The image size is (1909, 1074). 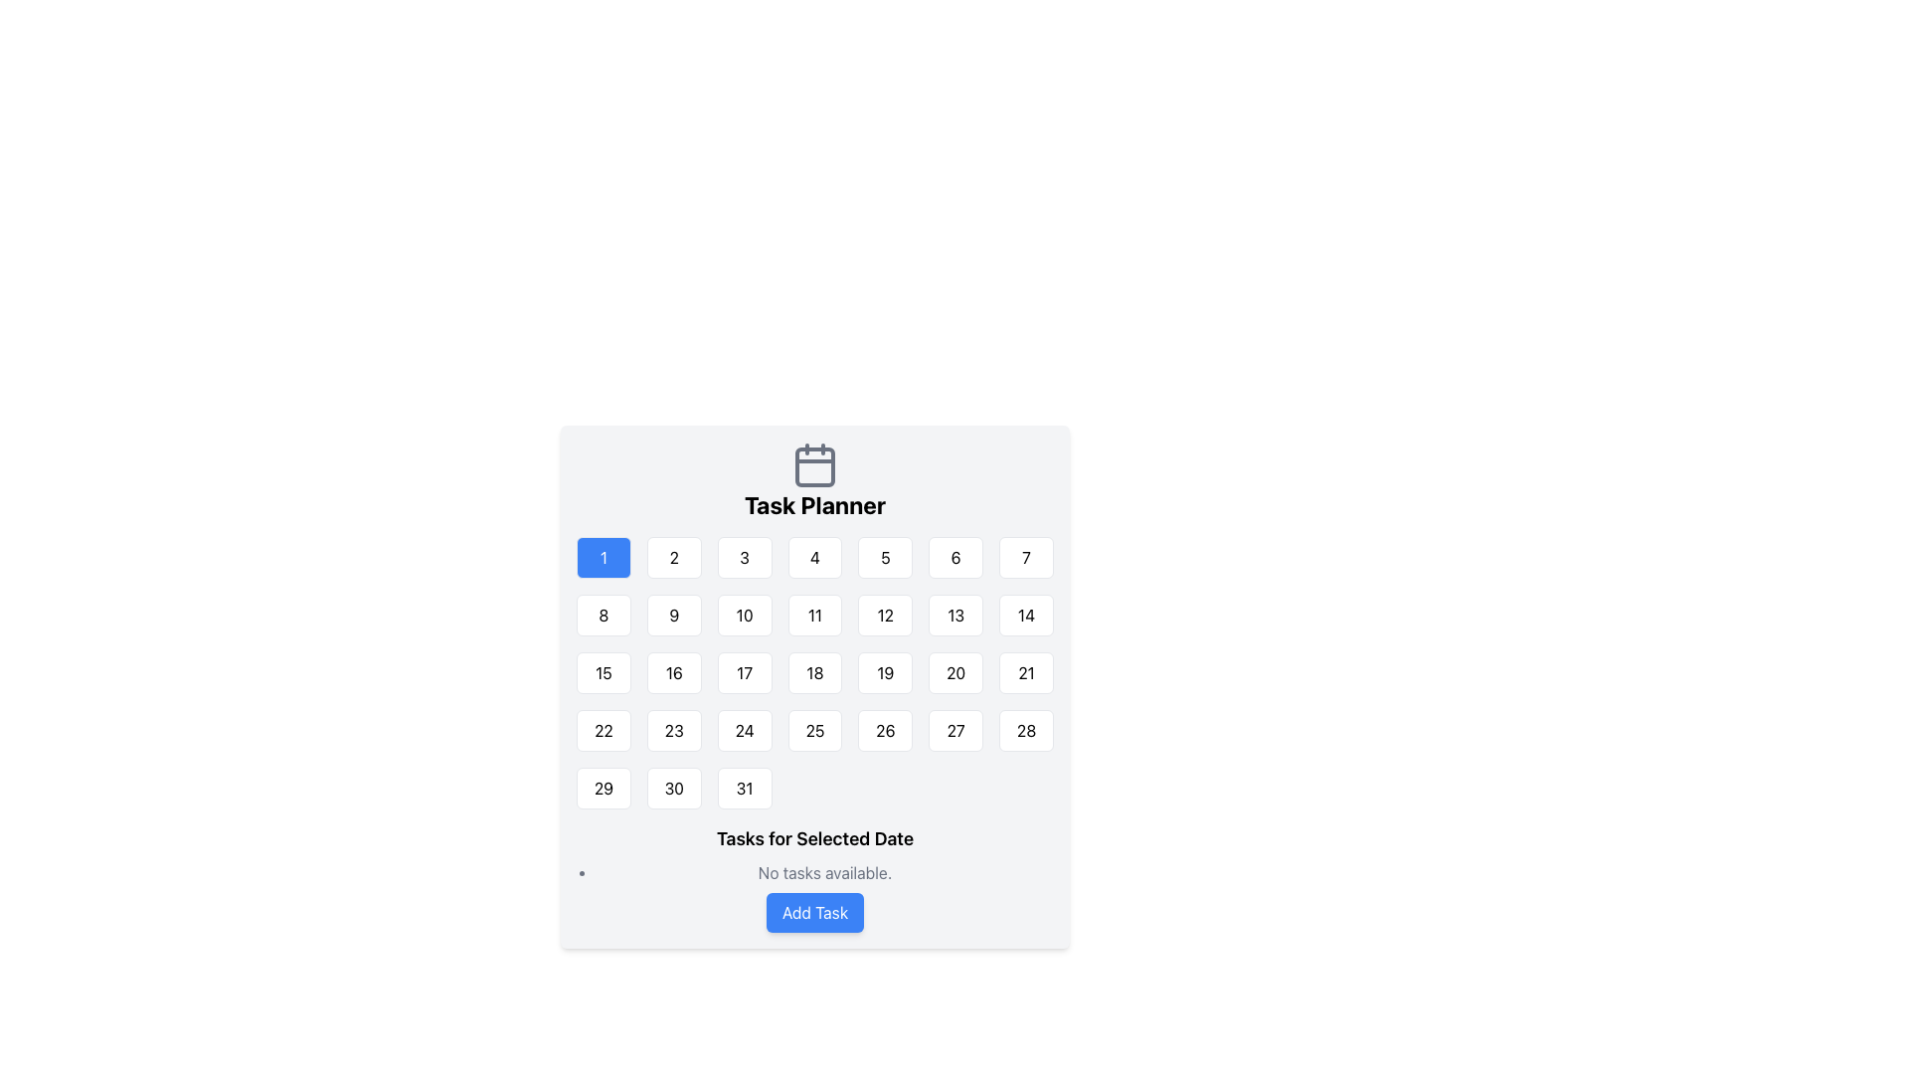 What do you see at coordinates (603, 672) in the screenshot?
I see `the square button with rounded corners labeled '15', which is located` at bounding box center [603, 672].